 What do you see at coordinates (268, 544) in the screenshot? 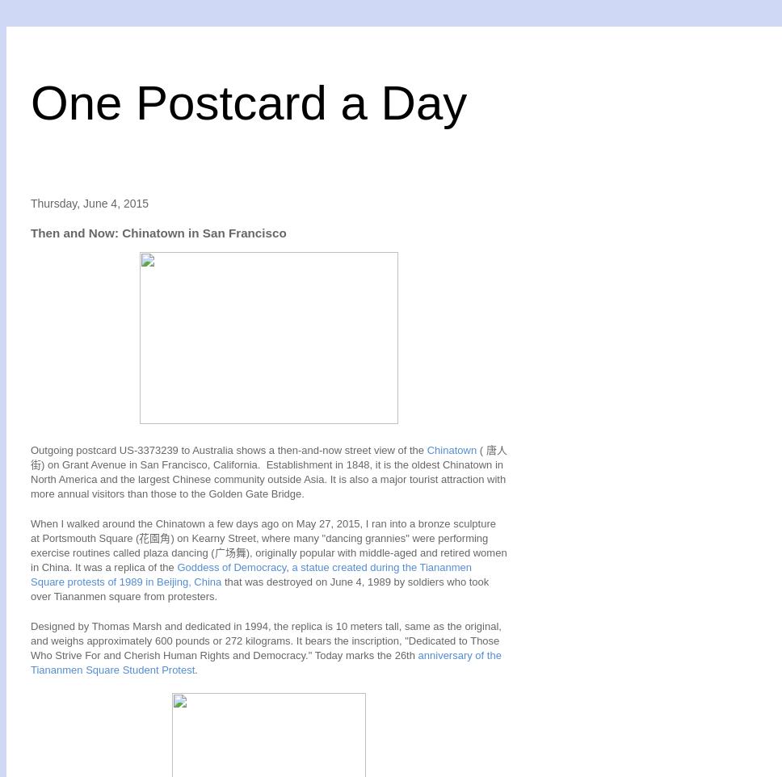
I see `'When I walked around the Chinatown a few days ago on May 27, 2015, I ran into a bronze sculpture at Portsmouth Square (花園角) on Kearny Street, where many "dancing grannies" were performing exercise routines called plaza dancing (广场舞), originally popular with middle-aged and retired women in China. It was a replica of the'` at bounding box center [268, 544].